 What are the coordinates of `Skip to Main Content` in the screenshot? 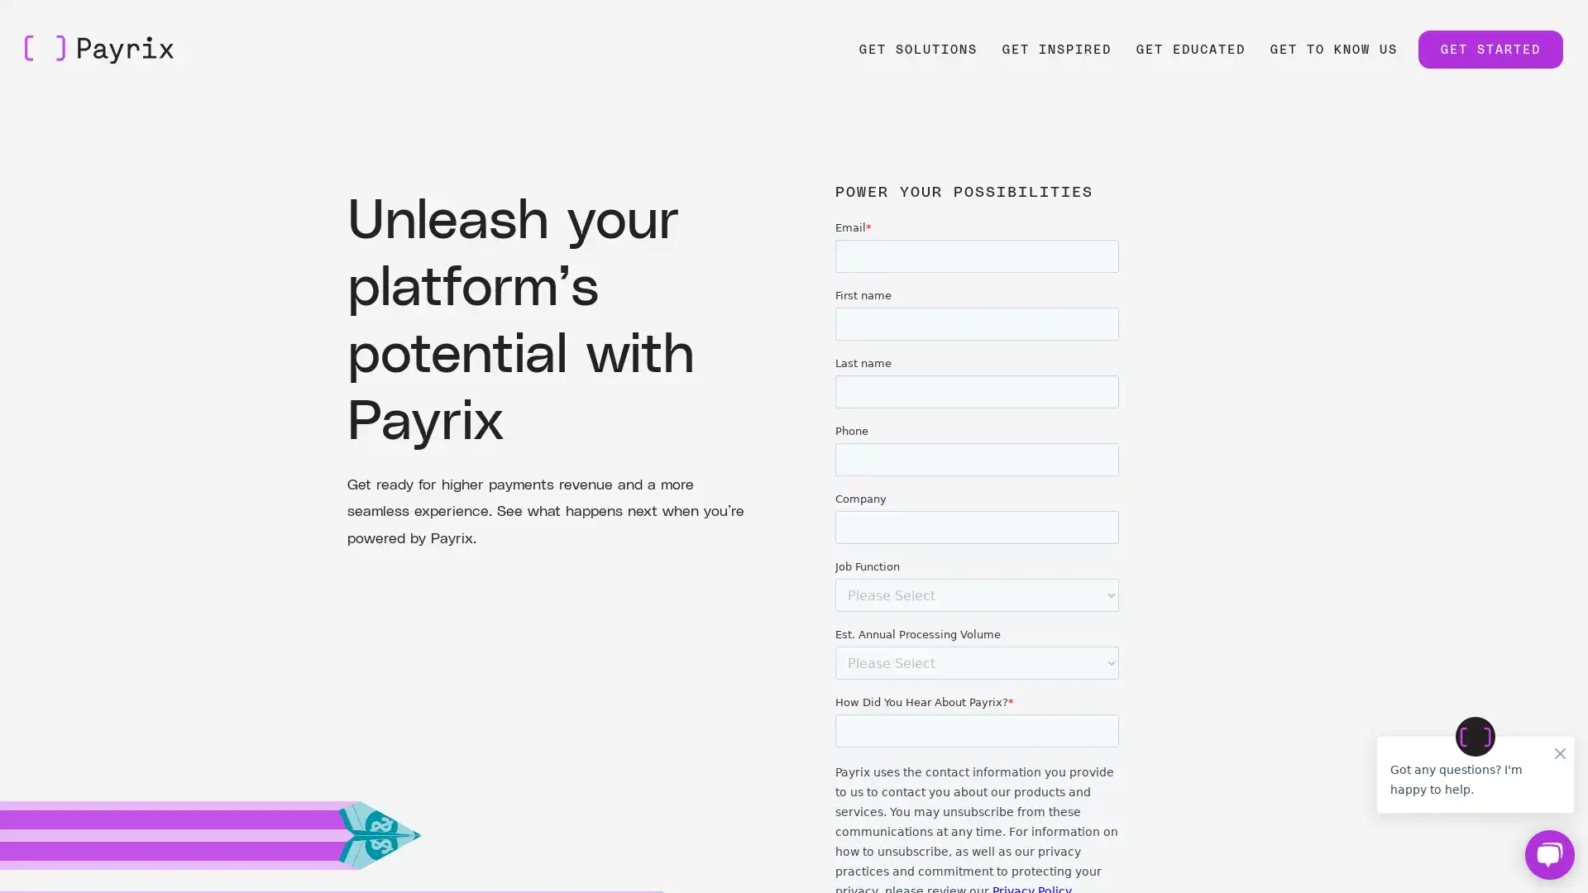 It's located at (17, 17).